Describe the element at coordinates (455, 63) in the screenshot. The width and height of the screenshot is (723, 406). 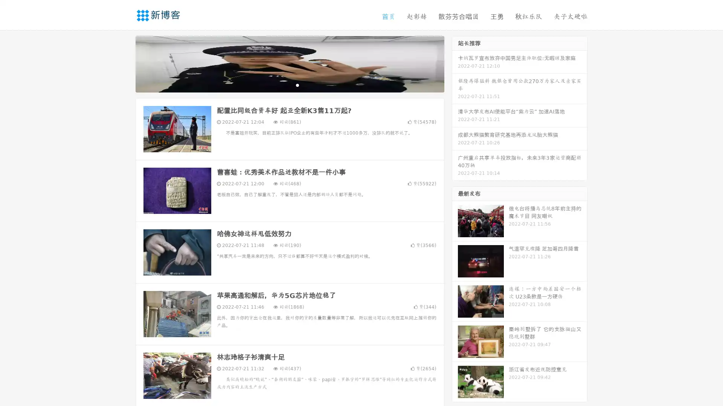
I see `Next slide` at that location.